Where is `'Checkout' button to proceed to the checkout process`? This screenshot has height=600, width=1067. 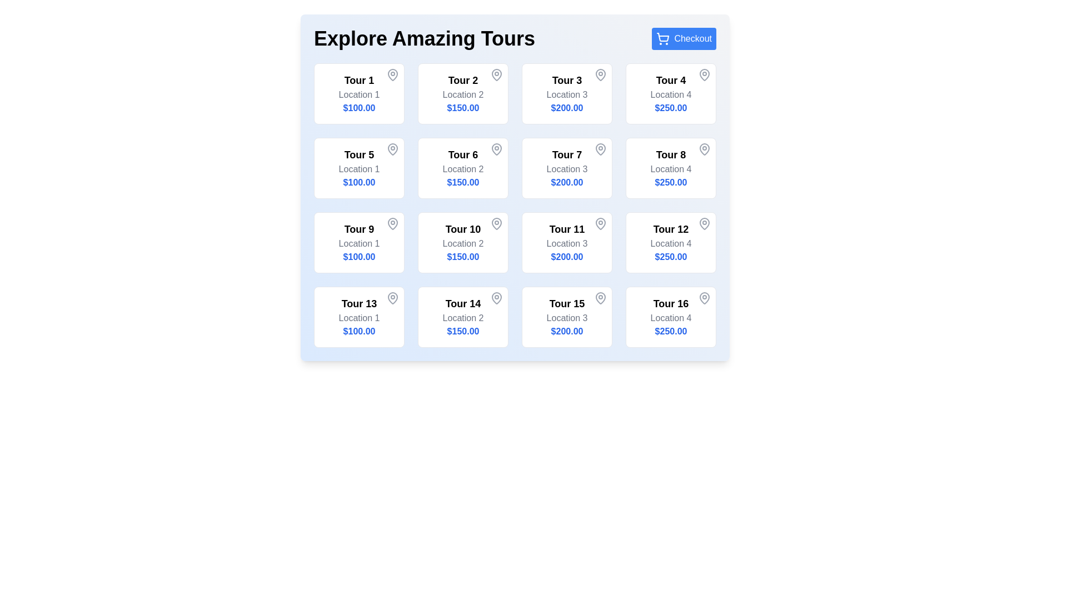 'Checkout' button to proceed to the checkout process is located at coordinates (683, 38).